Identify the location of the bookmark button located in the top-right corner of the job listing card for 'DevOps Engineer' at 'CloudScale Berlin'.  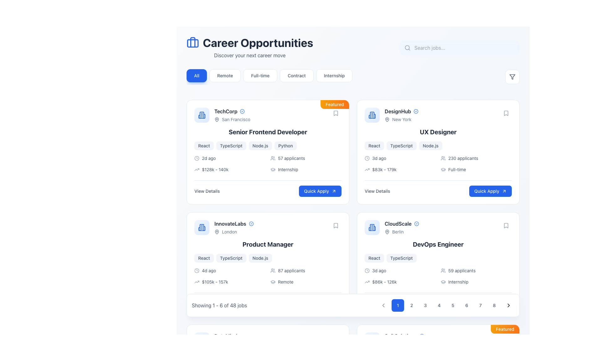
(506, 226).